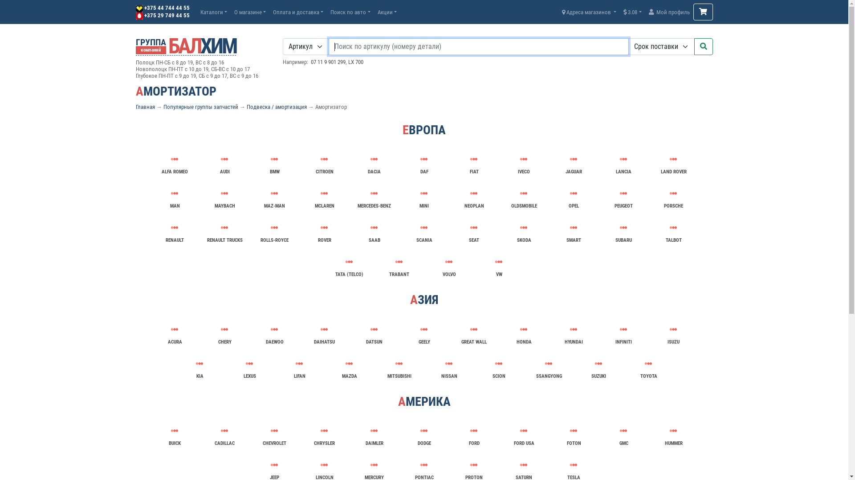 This screenshot has width=855, height=480. Describe the element at coordinates (324, 430) in the screenshot. I see `'CHRYSLER'` at that location.